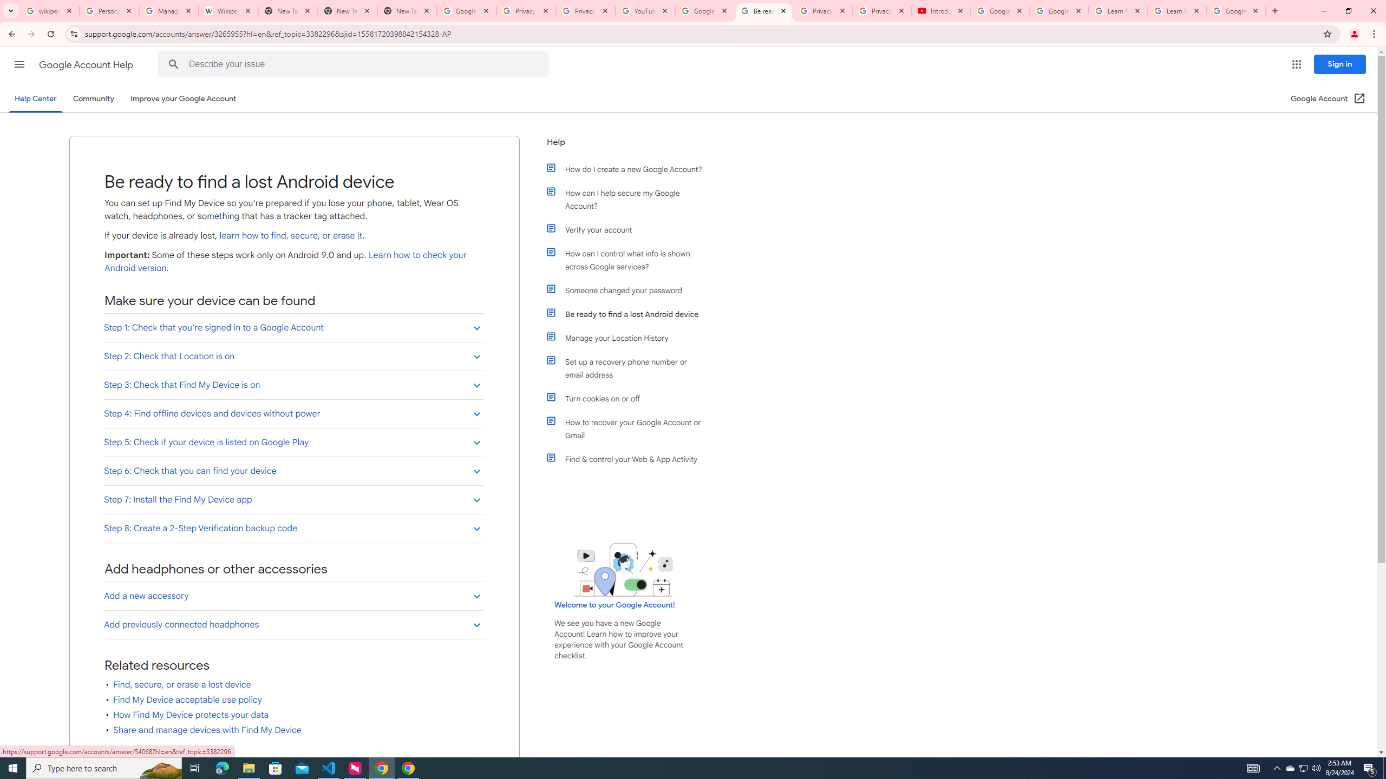  Describe the element at coordinates (629, 169) in the screenshot. I see `'How do I create a new Google Account?'` at that location.